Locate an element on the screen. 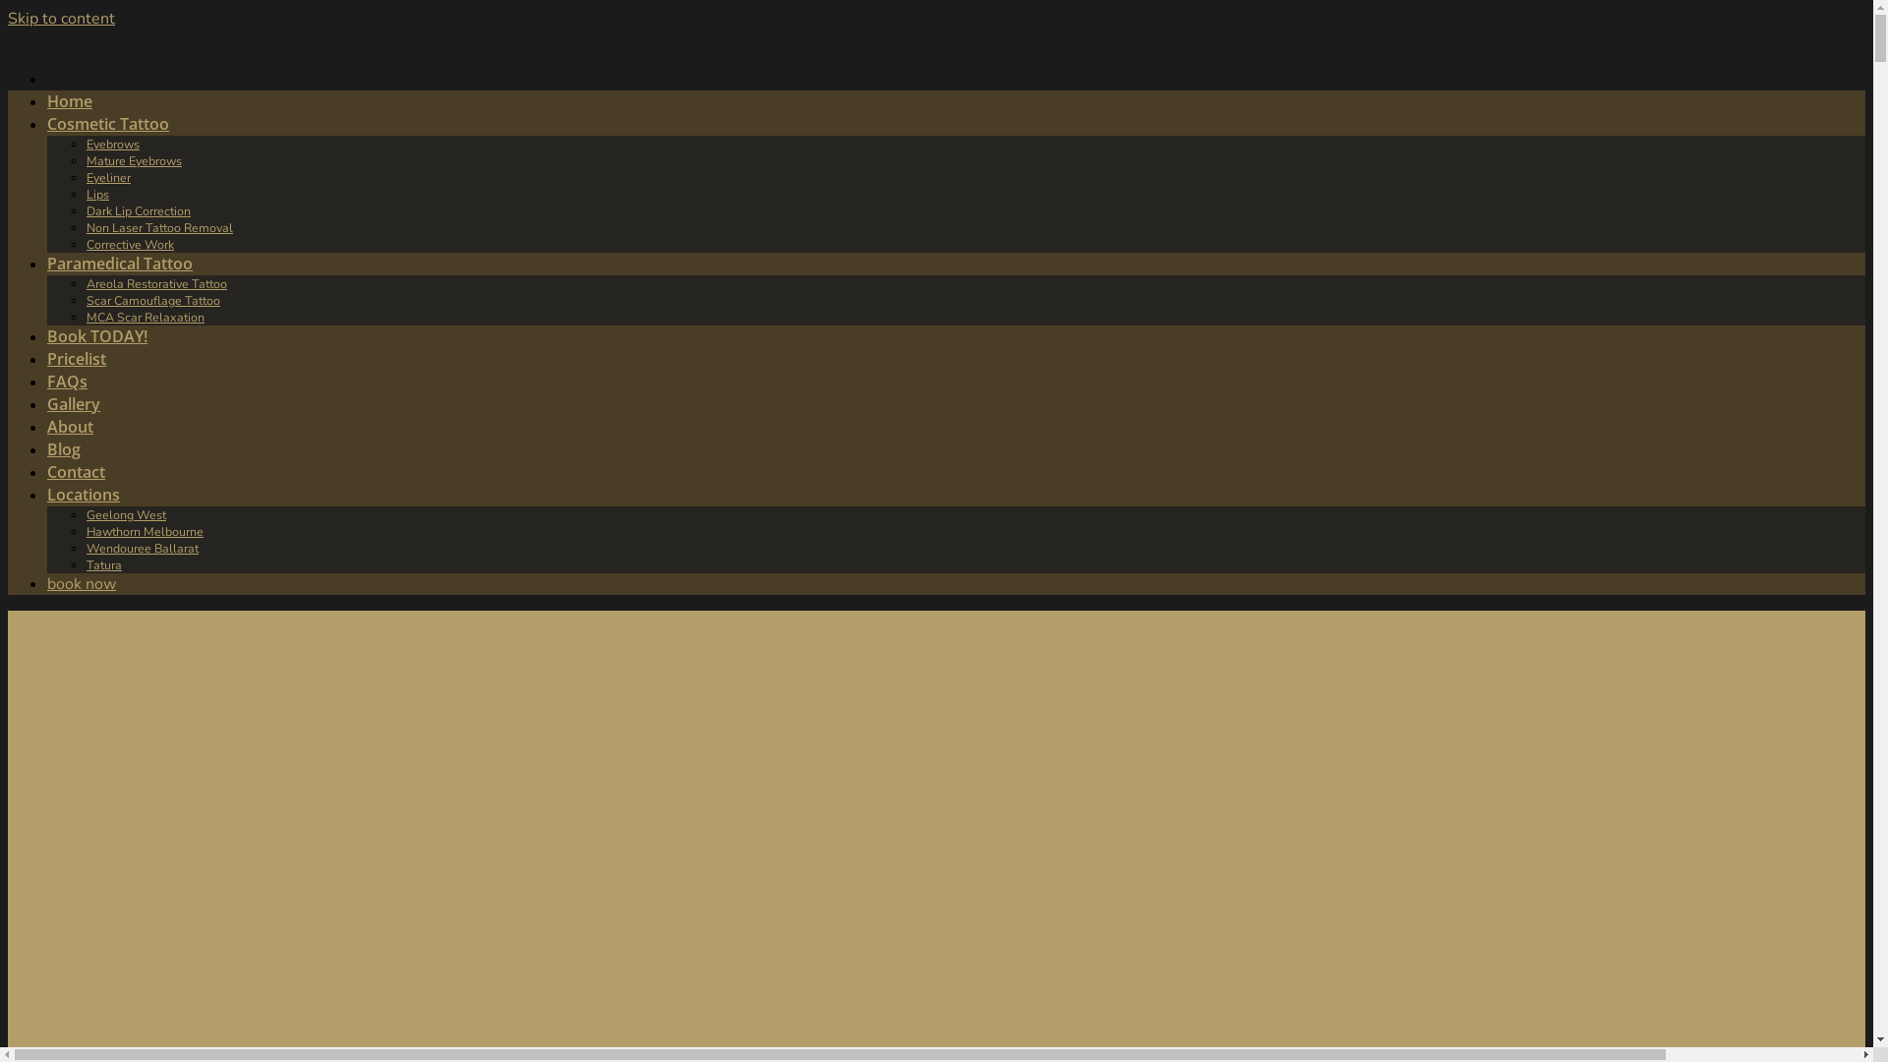 This screenshot has width=1888, height=1062. 'Gallery' is located at coordinates (74, 403).